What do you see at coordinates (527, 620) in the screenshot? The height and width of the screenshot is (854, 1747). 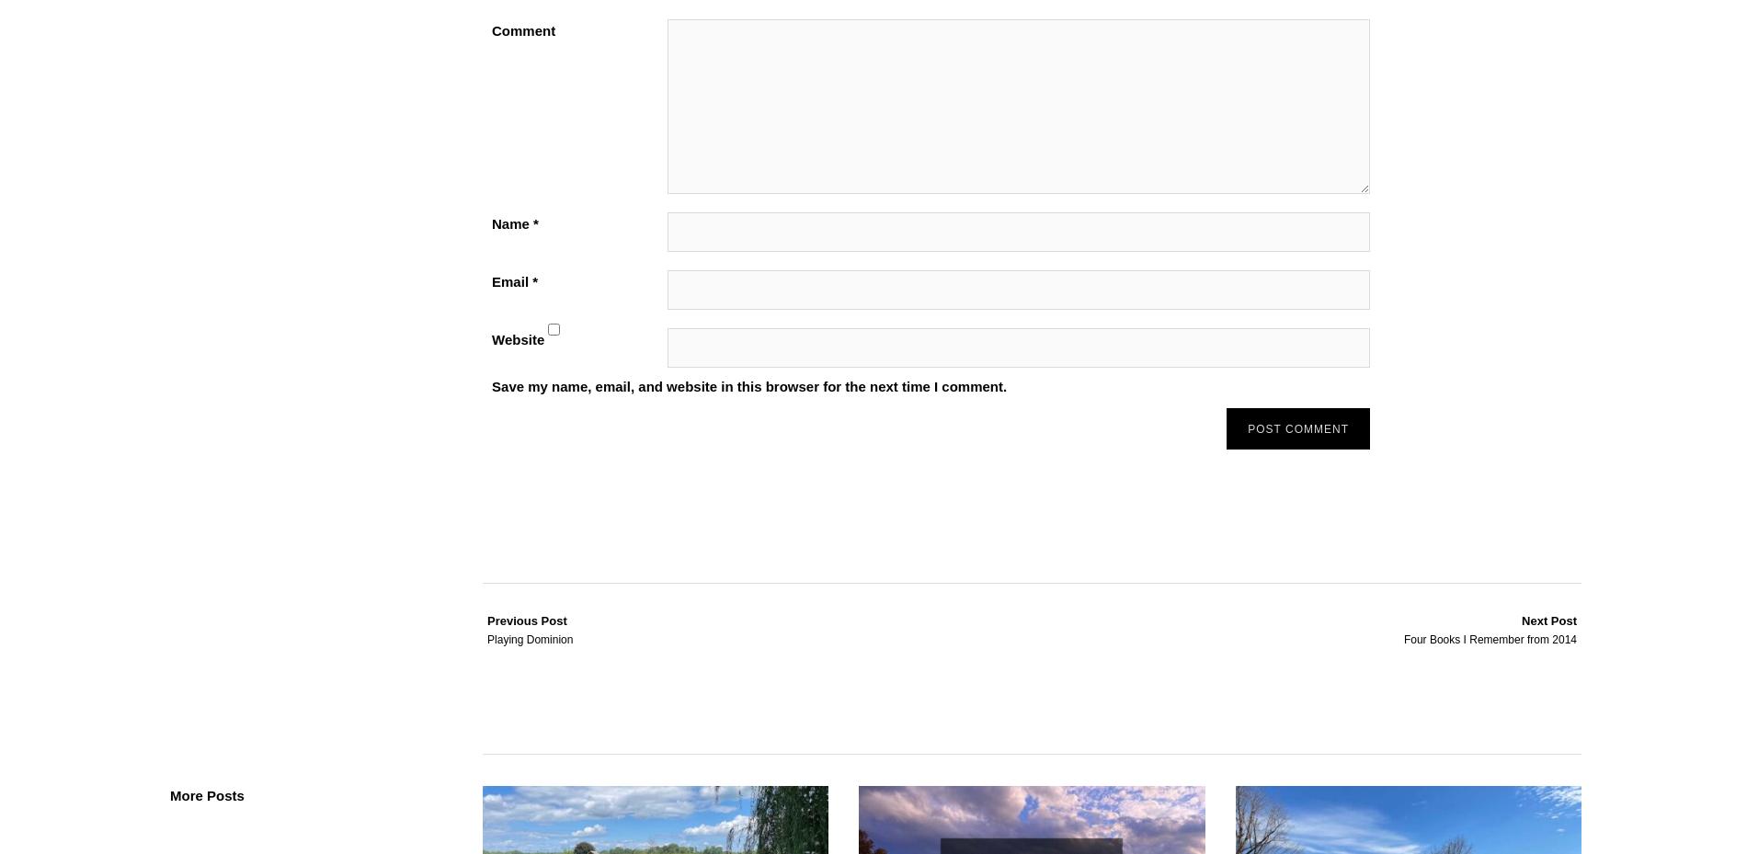 I see `'Previous Post'` at bounding box center [527, 620].